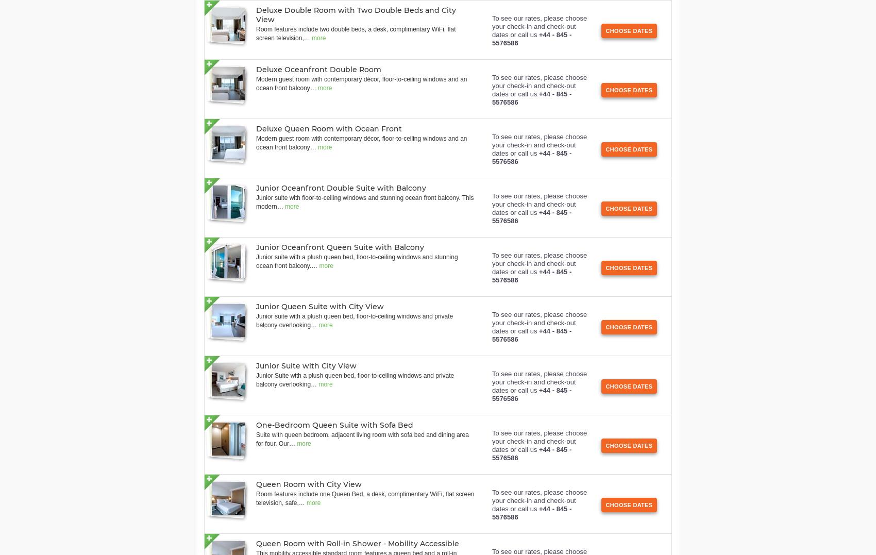 The image size is (876, 555). I want to click on 'Deluxe Queen Room with Ocean Front', so click(329, 128).